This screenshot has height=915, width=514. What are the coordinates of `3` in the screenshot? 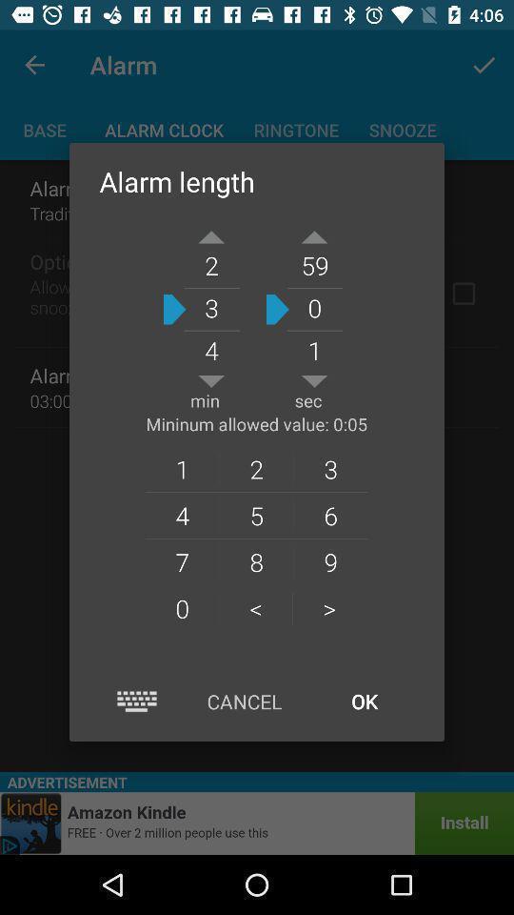 It's located at (329, 468).